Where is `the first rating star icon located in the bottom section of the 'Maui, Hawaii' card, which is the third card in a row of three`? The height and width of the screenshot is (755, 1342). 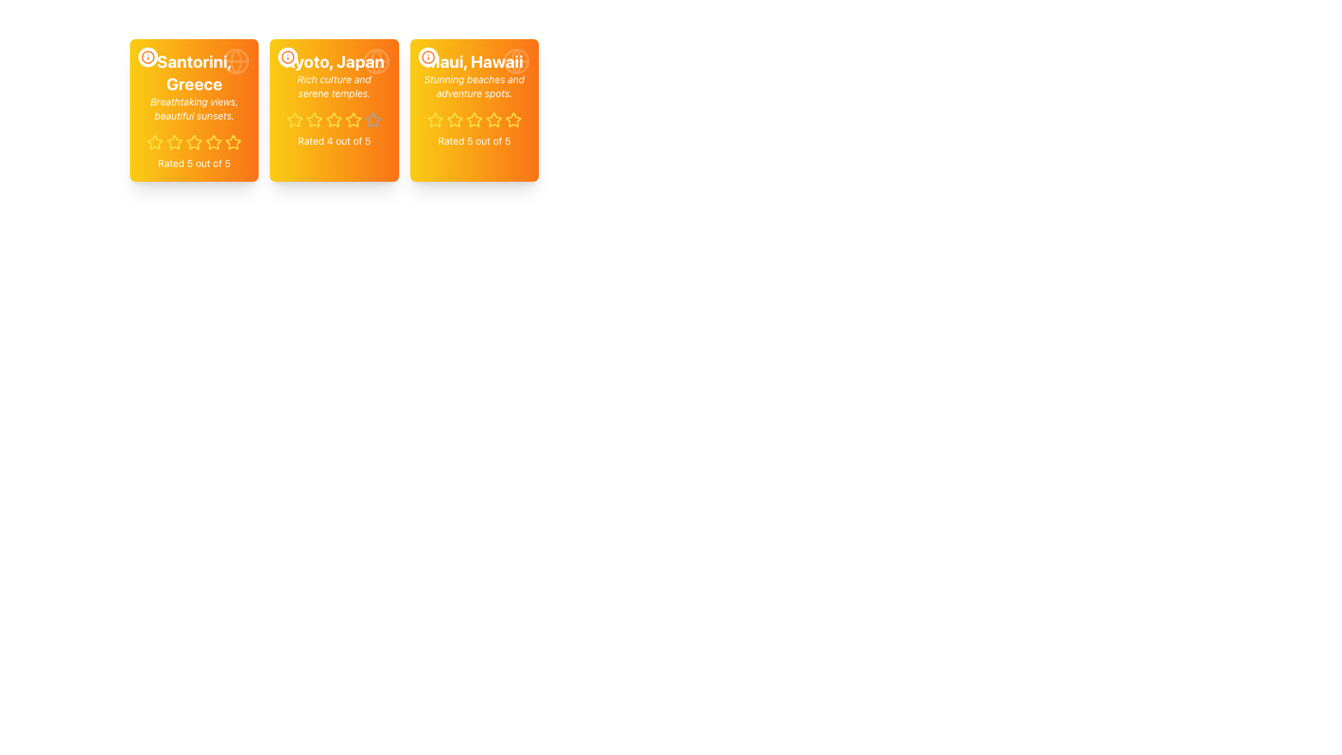
the first rating star icon located in the bottom section of the 'Maui, Hawaii' card, which is the third card in a row of three is located at coordinates (434, 120).